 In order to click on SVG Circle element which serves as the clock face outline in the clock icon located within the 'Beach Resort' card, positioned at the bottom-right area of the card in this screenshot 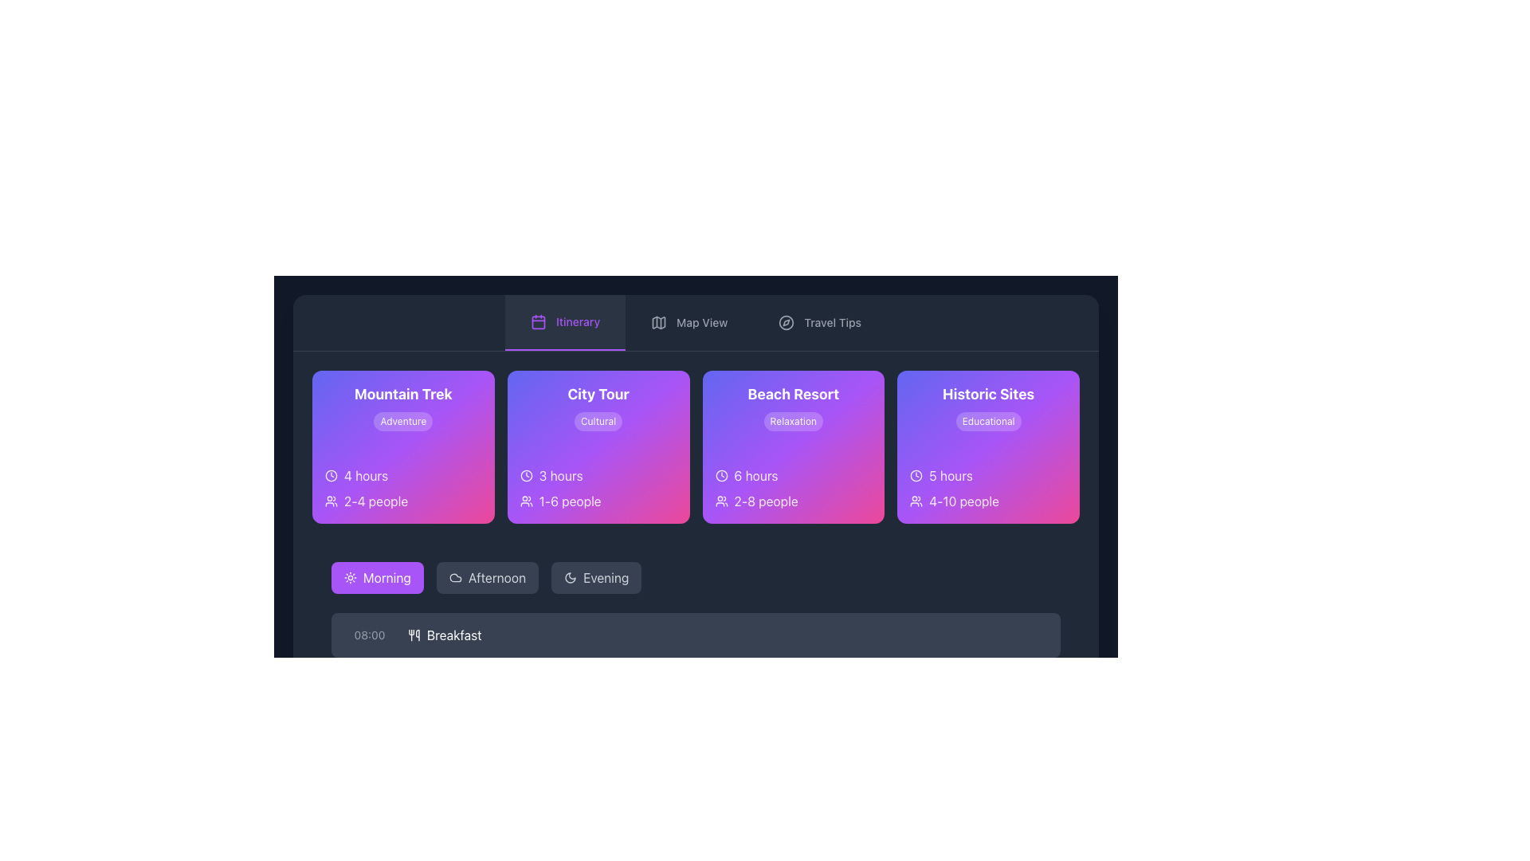, I will do `click(720, 475)`.